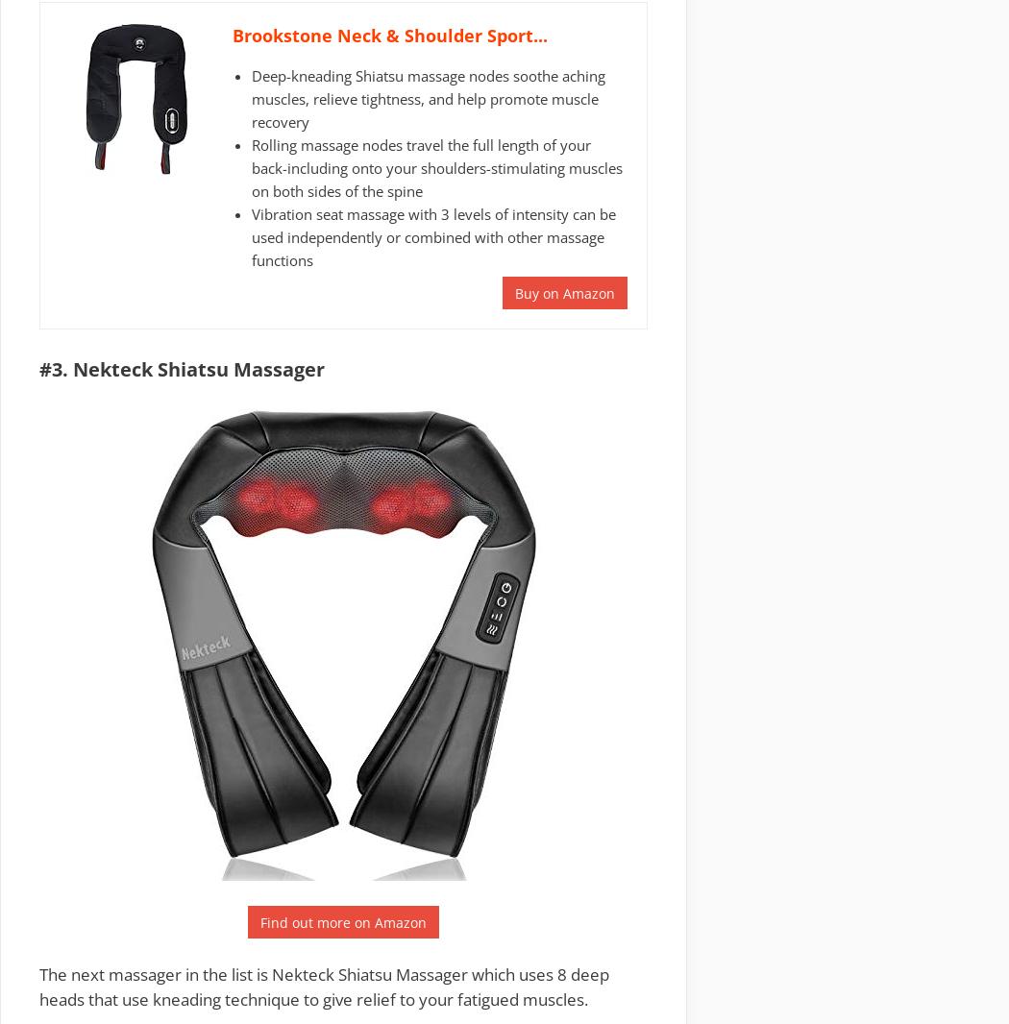 The image size is (1009, 1024). I want to click on 'Vibration seat massage with 3 levels of intensity can be used independently or combined with other massage functions', so click(433, 235).